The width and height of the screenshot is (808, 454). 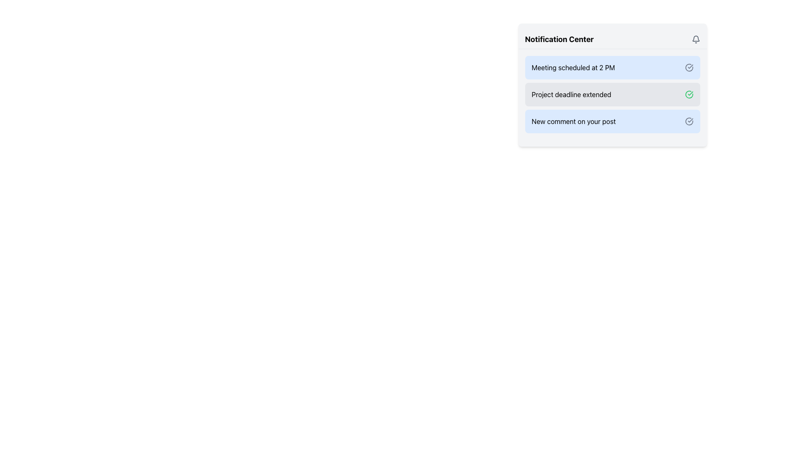 I want to click on the bell notification icon located at the top-right corner of the notification center panel, which serves as a visual representation for notifications, so click(x=696, y=38).